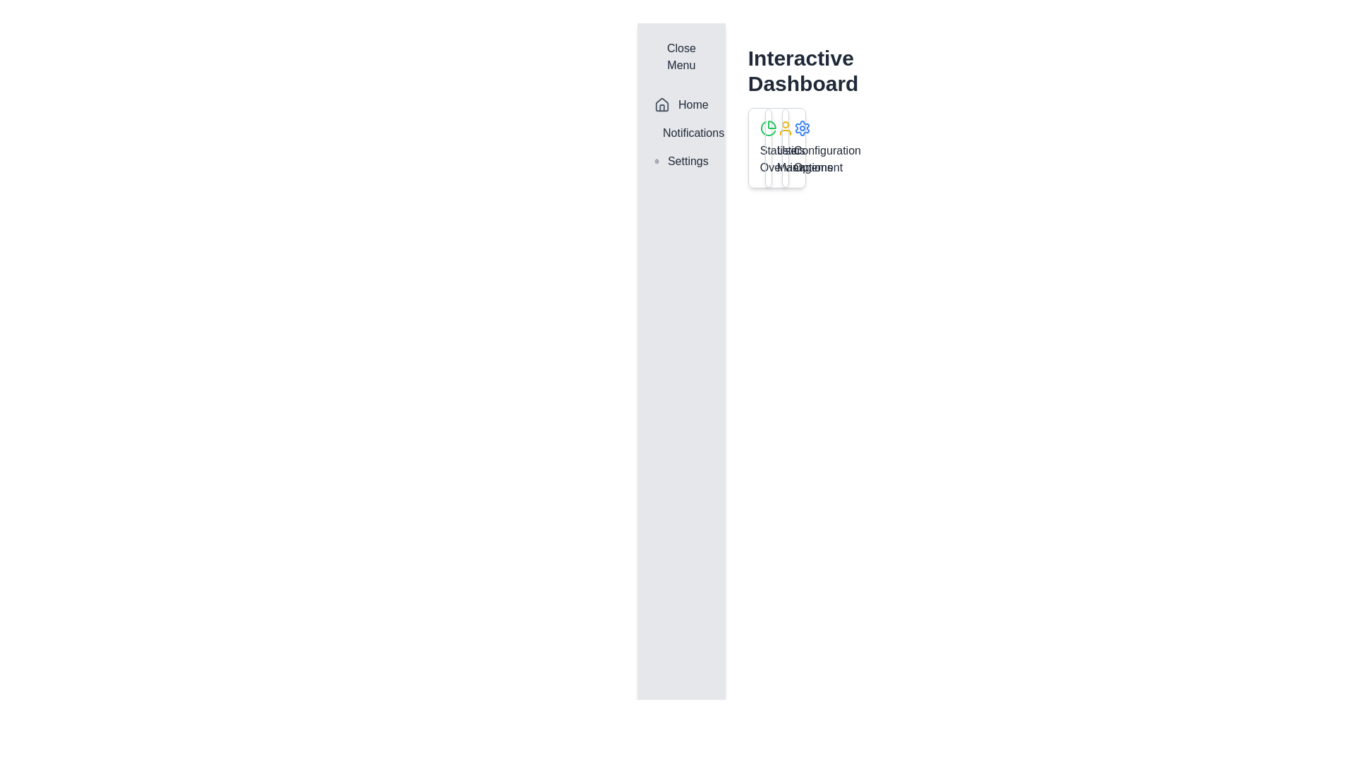 The height and width of the screenshot is (762, 1354). Describe the element at coordinates (802, 128) in the screenshot. I see `the settings or gear icon located at the top-right corner of the 'Configuration Options' card` at that location.